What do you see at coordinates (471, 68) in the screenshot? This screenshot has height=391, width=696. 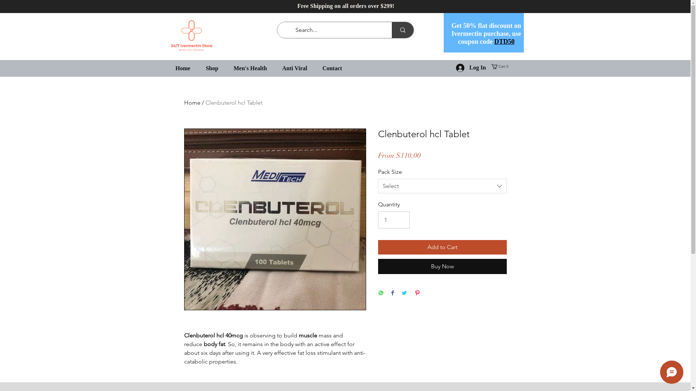 I see `'Log In'` at bounding box center [471, 68].